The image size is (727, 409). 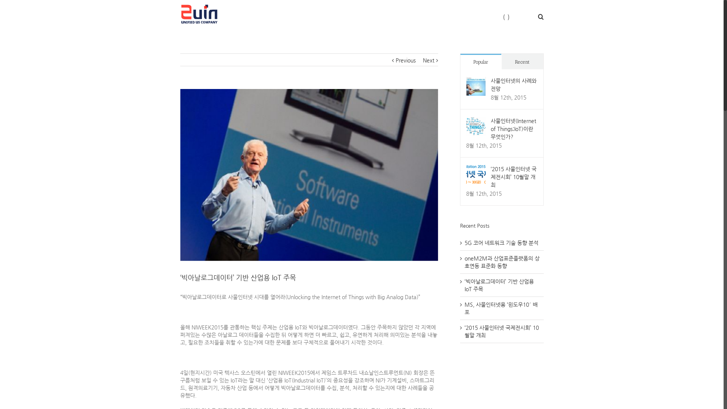 I want to click on 'Next', so click(x=429, y=59).